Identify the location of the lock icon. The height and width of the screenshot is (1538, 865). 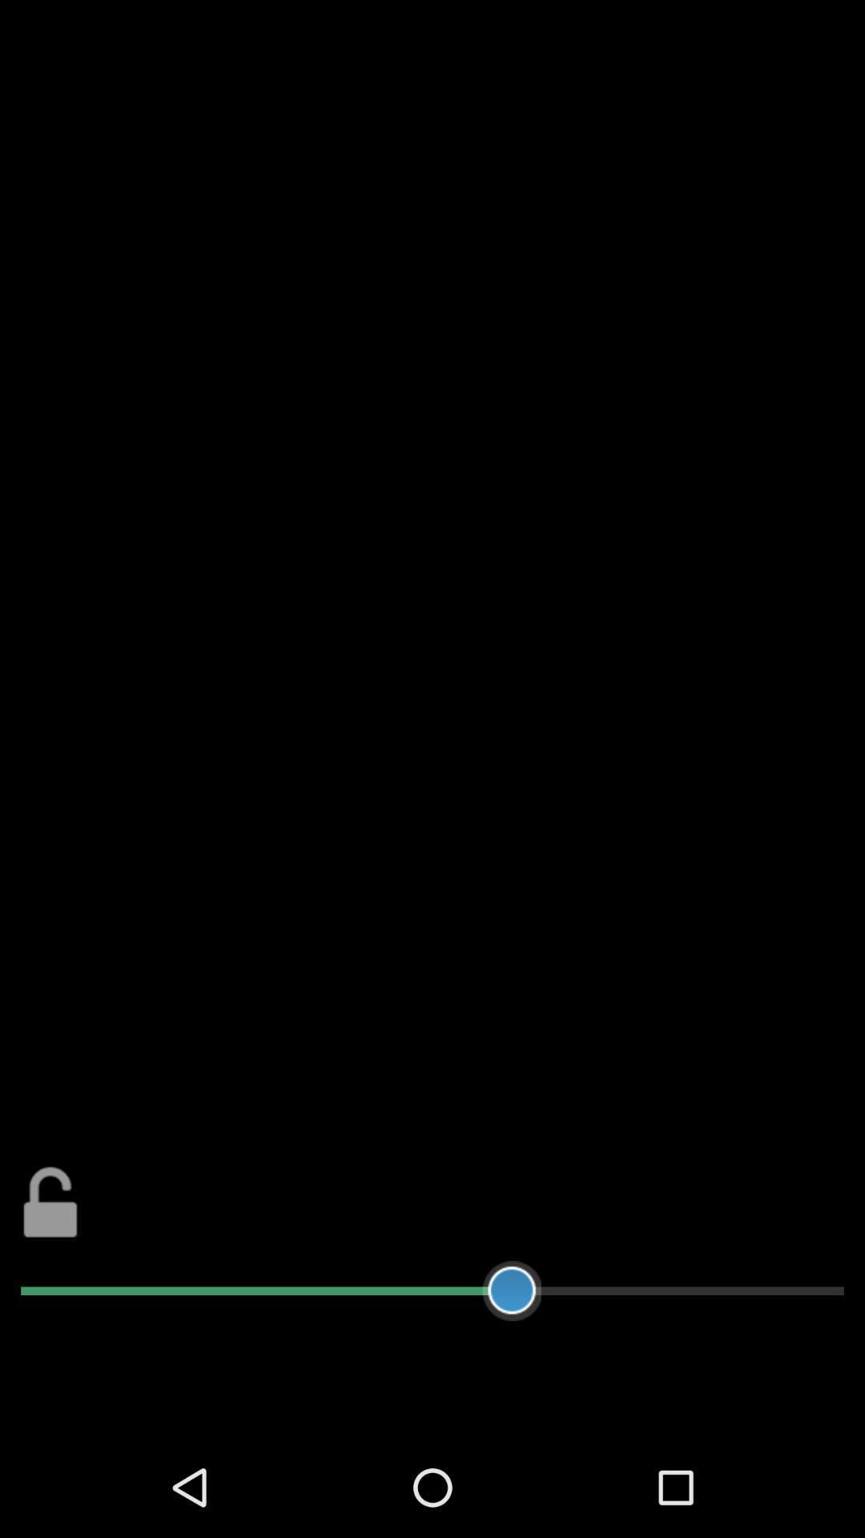
(50, 1286).